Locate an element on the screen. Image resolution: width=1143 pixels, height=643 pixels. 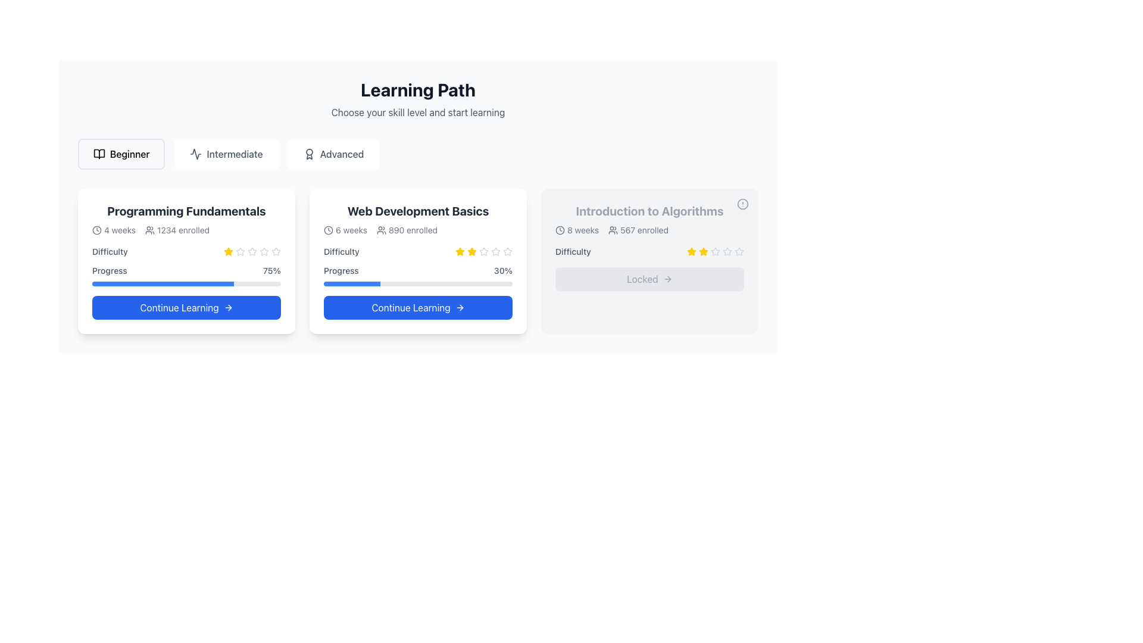
the second star icon in the rating system for the 'Introduction to Algorithms' card to modify the rating is located at coordinates (691, 250).